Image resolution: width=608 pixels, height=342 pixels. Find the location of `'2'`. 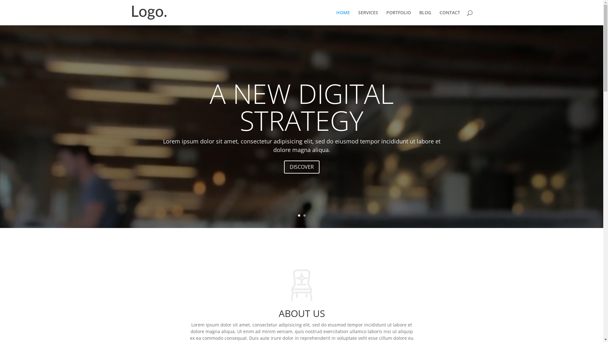

'2' is located at coordinates (304, 215).